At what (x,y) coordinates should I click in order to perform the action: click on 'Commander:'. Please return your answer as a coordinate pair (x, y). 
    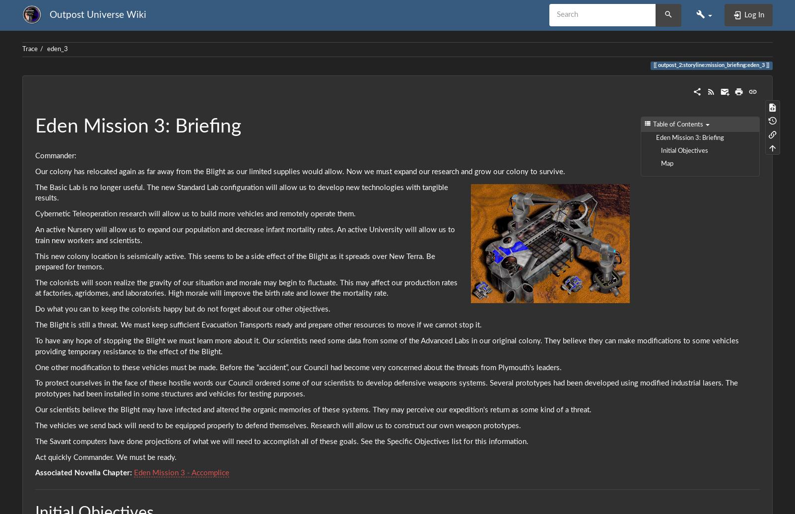
    Looking at the image, I should click on (55, 156).